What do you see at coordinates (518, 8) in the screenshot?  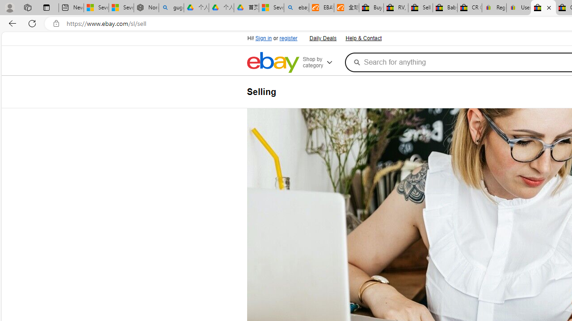 I see `'User Privacy Notice | eBay'` at bounding box center [518, 8].